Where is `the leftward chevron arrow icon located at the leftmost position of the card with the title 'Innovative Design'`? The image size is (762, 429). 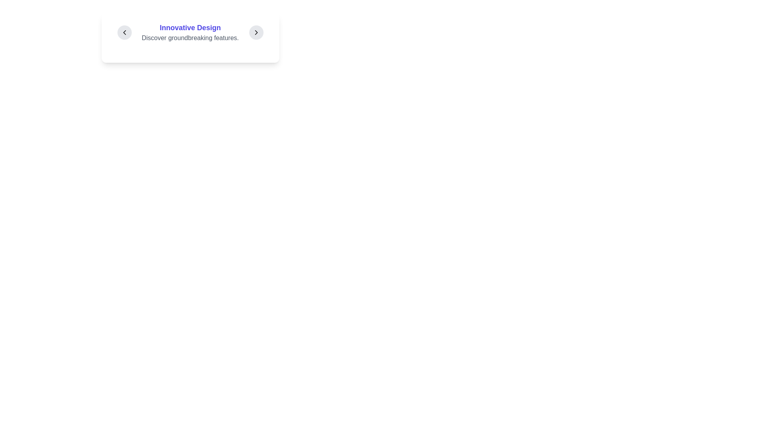 the leftward chevron arrow icon located at the leftmost position of the card with the title 'Innovative Design' is located at coordinates (124, 32).